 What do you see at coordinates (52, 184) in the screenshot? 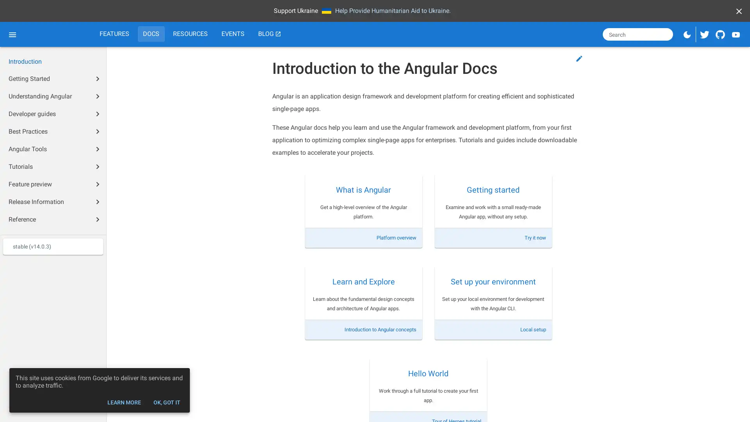
I see `Feature preview` at bounding box center [52, 184].